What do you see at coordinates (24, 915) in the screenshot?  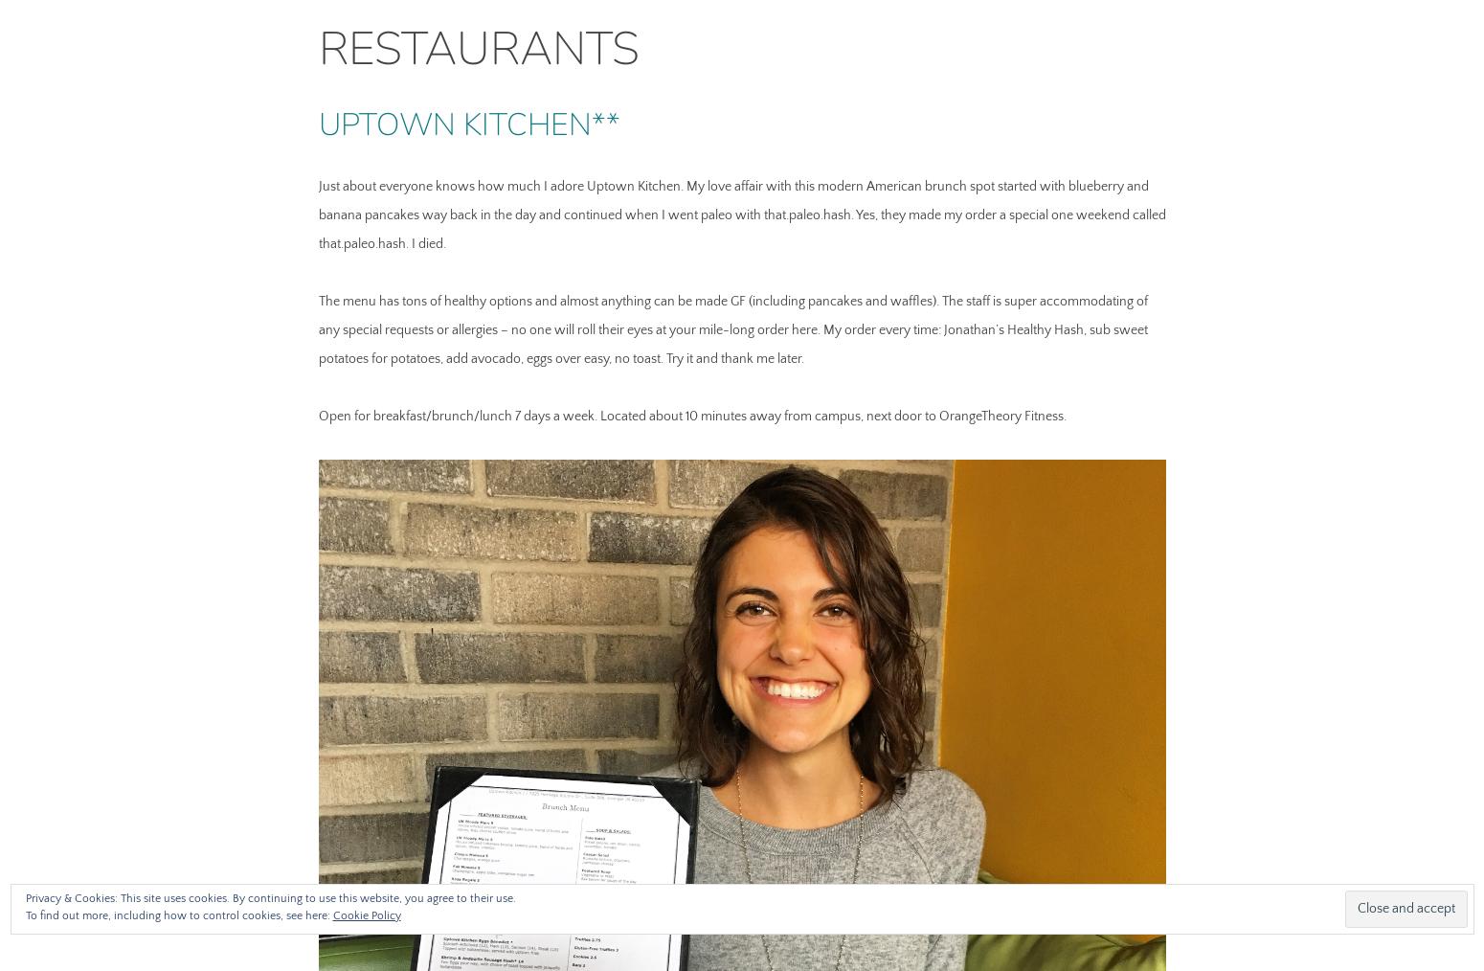 I see `'To find out more, including how to control cookies, see here:'` at bounding box center [24, 915].